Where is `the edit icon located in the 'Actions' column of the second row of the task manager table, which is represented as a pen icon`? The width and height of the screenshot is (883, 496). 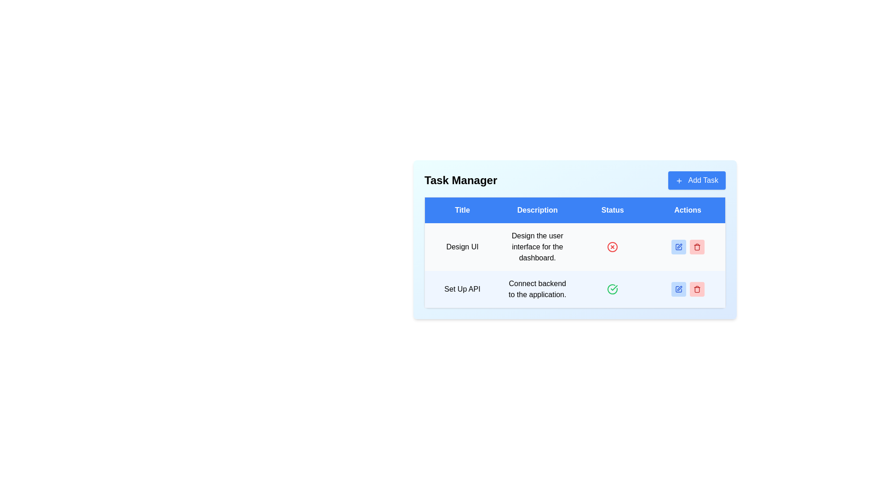
the edit icon located in the 'Actions' column of the second row of the task manager table, which is represented as a pen icon is located at coordinates (678, 246).